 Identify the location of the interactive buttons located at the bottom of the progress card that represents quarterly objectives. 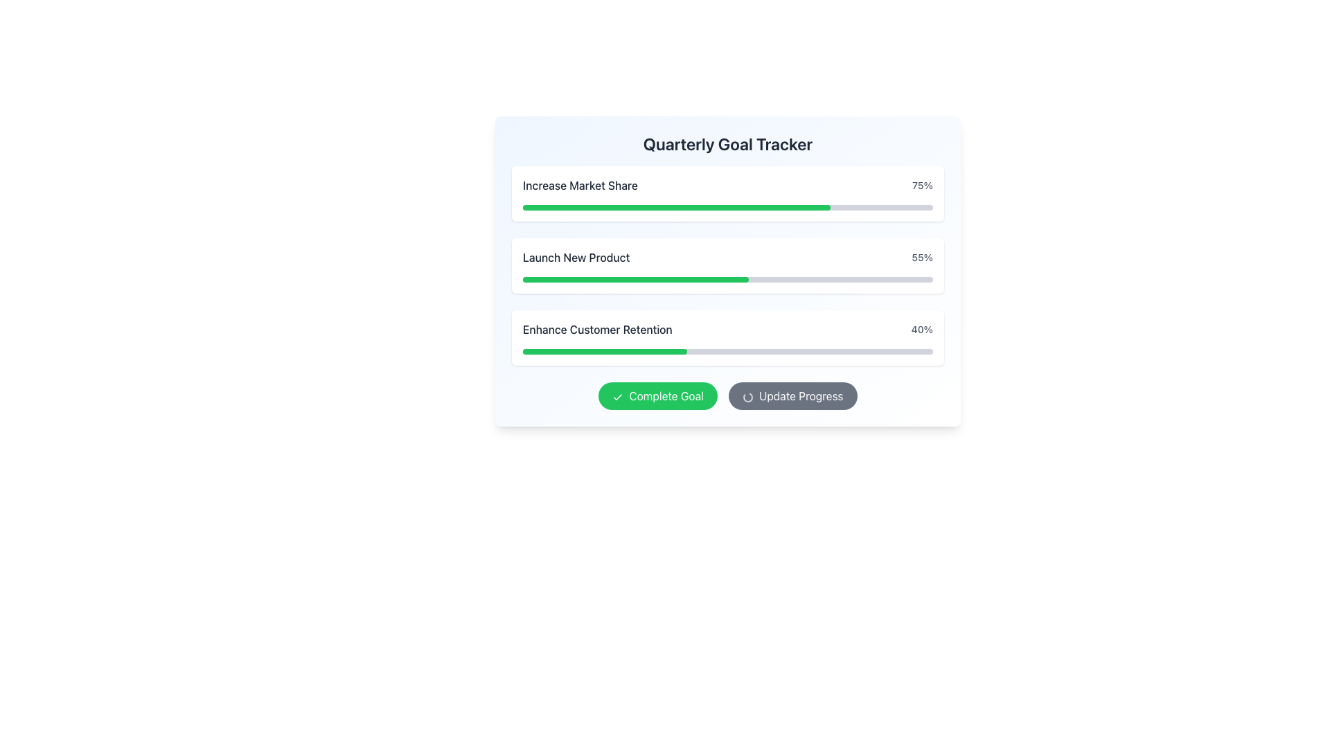
(727, 271).